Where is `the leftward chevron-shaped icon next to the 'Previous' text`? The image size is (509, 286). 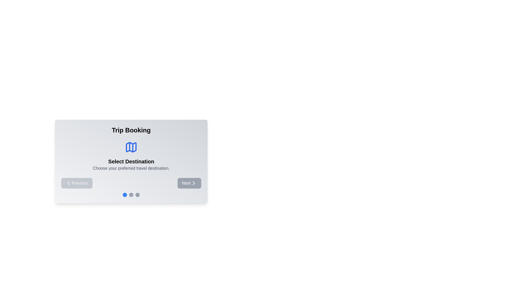
the leftward chevron-shaped icon next to the 'Previous' text is located at coordinates (68, 183).